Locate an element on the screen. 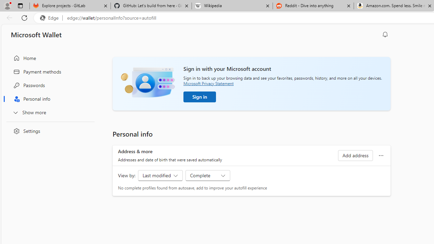 The height and width of the screenshot is (244, 434). 'Edge' is located at coordinates (51, 18).